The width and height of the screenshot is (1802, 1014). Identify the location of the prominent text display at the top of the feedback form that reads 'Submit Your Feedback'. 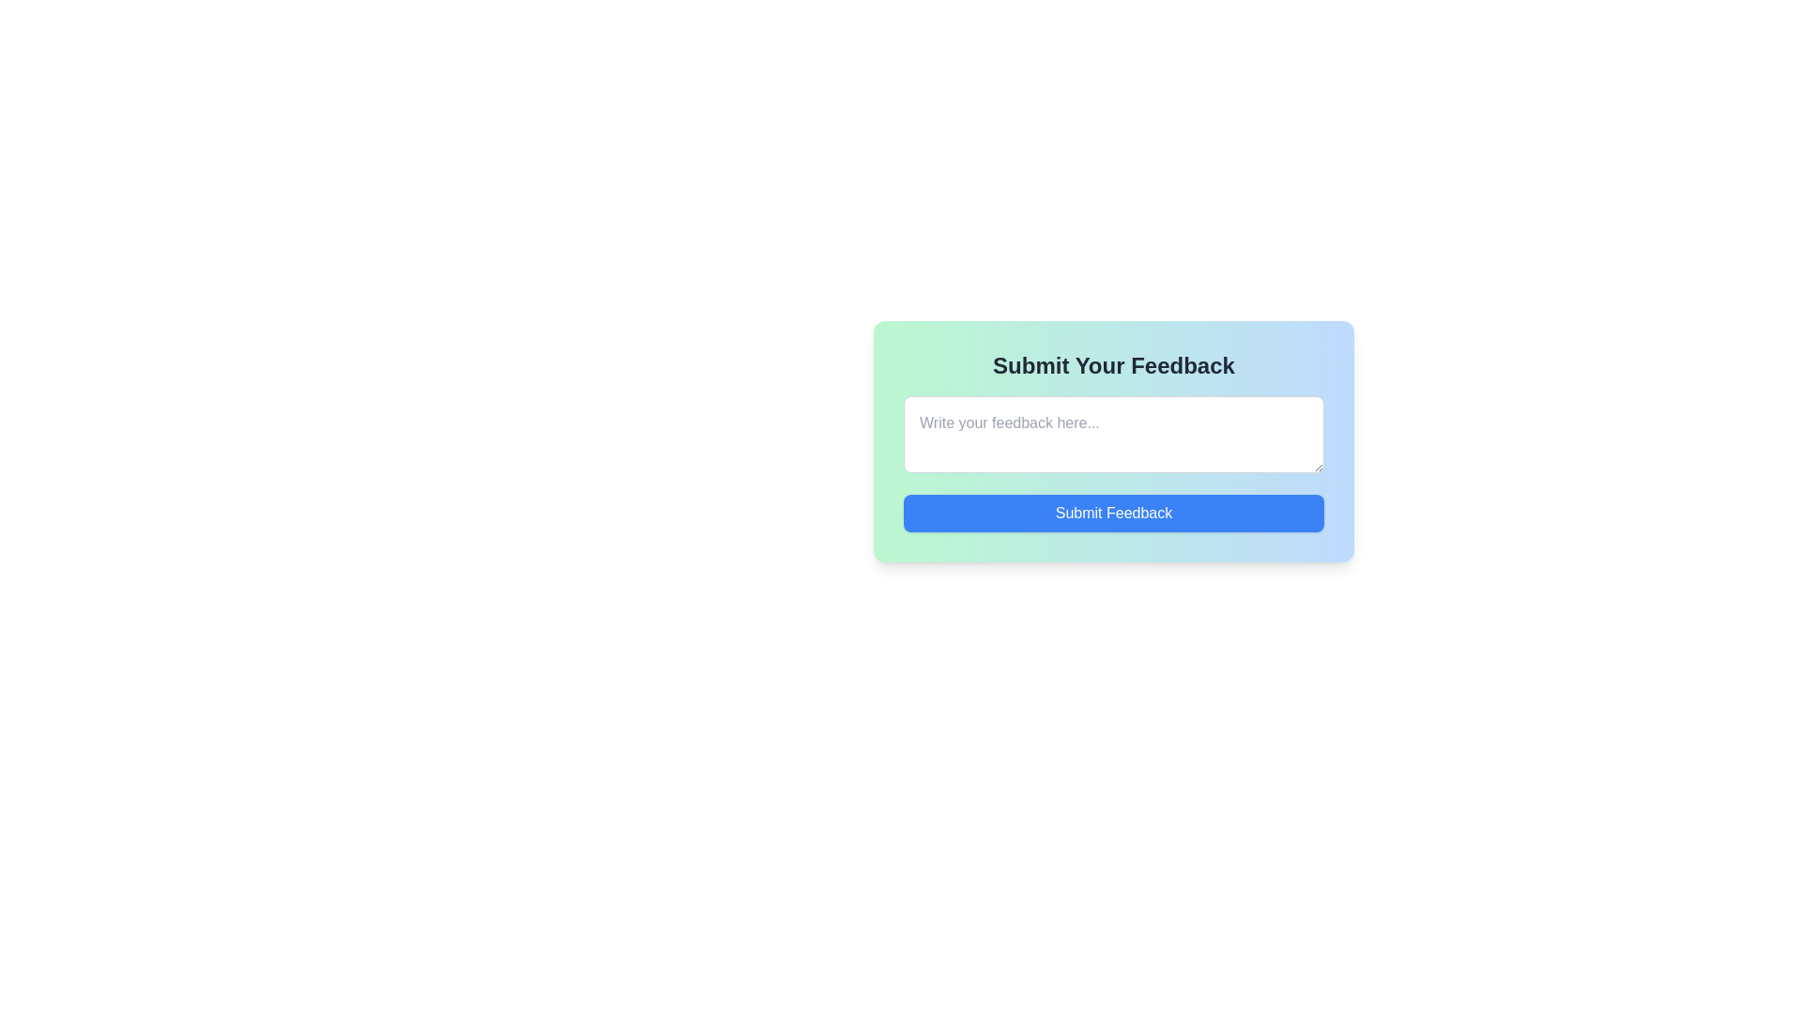
(1113, 365).